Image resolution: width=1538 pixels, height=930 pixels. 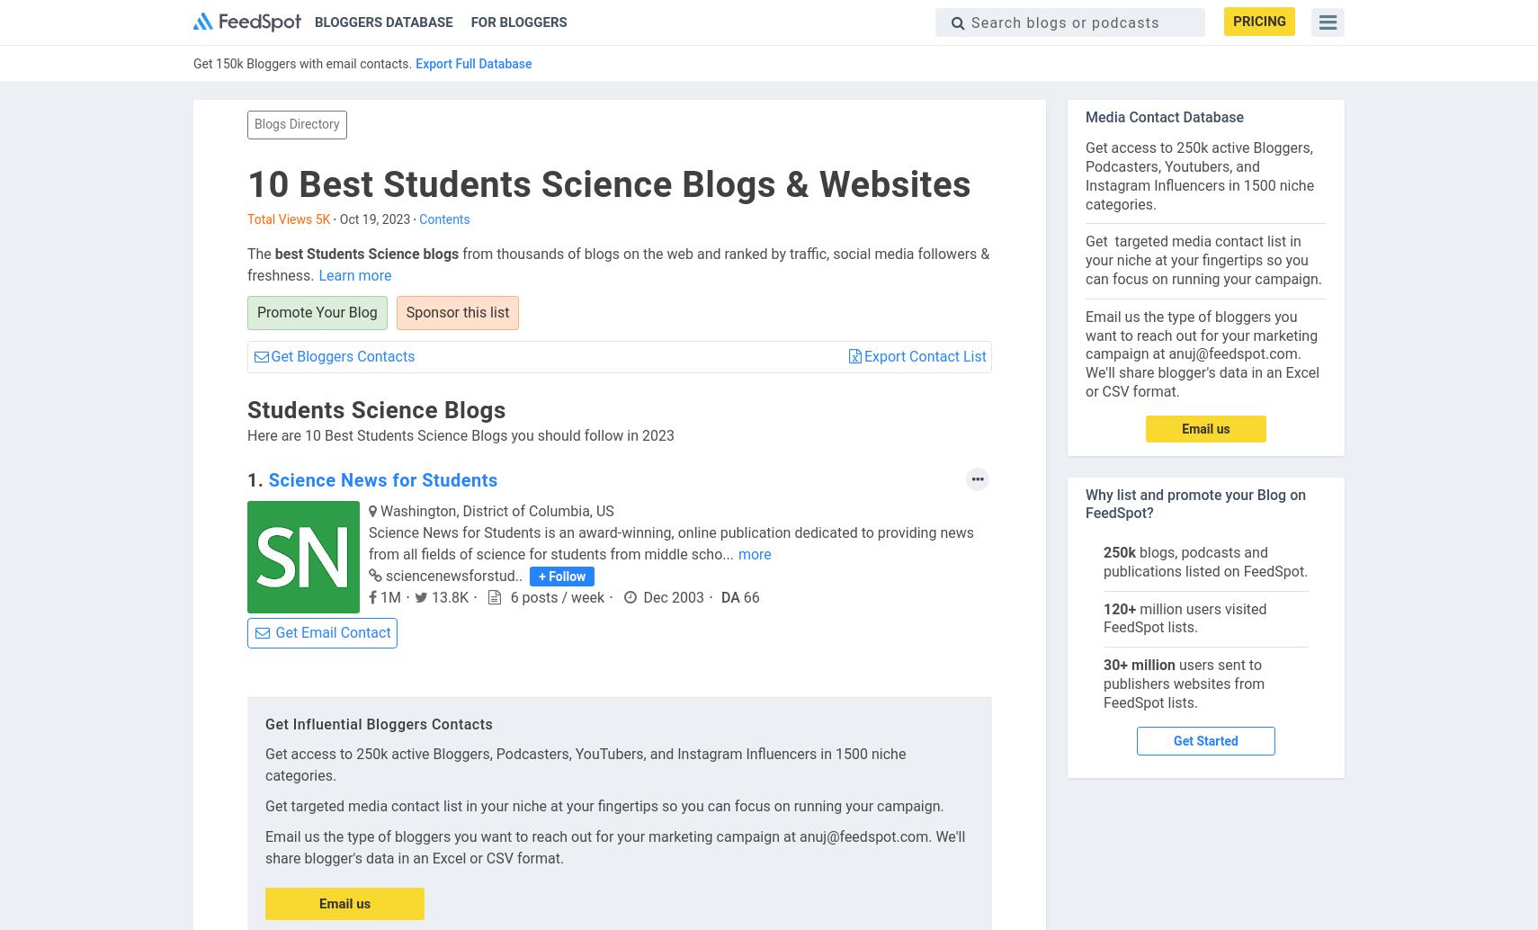 What do you see at coordinates (192, 64) in the screenshot?
I see `'Get 150k Bloggers with email contacts.'` at bounding box center [192, 64].